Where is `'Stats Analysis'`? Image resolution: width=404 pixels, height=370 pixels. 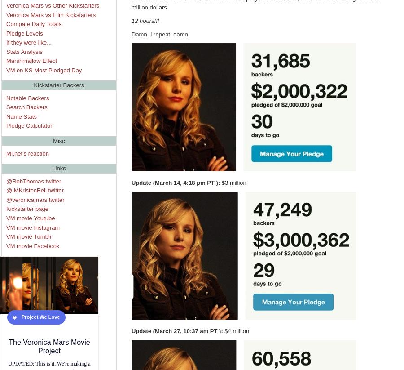 'Stats Analysis' is located at coordinates (24, 51).